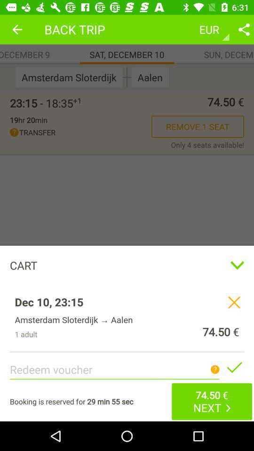 This screenshot has height=451, width=254. I want to click on remove order, so click(233, 302).